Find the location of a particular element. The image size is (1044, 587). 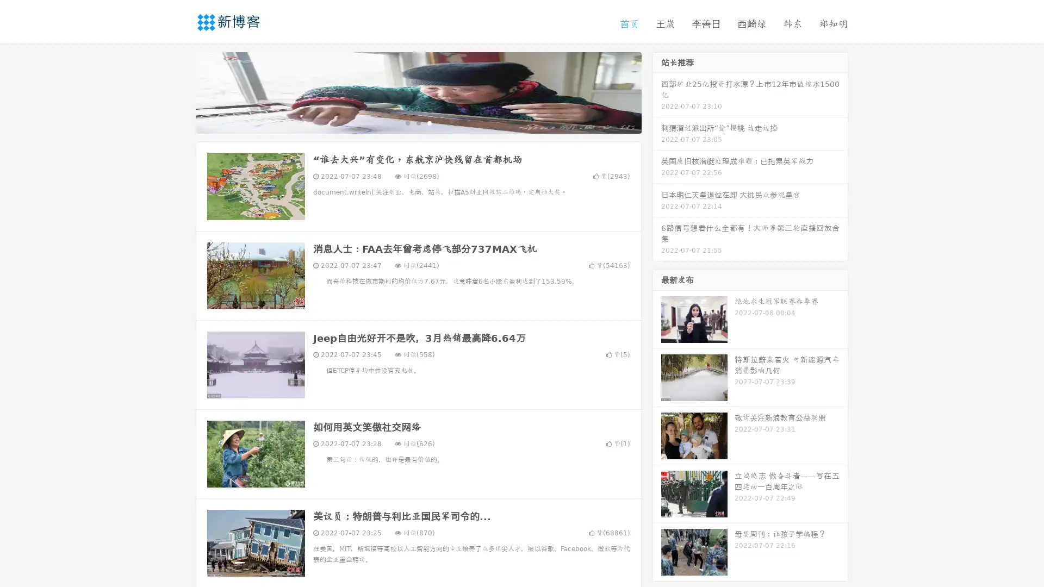

Go to slide 1 is located at coordinates (407, 122).